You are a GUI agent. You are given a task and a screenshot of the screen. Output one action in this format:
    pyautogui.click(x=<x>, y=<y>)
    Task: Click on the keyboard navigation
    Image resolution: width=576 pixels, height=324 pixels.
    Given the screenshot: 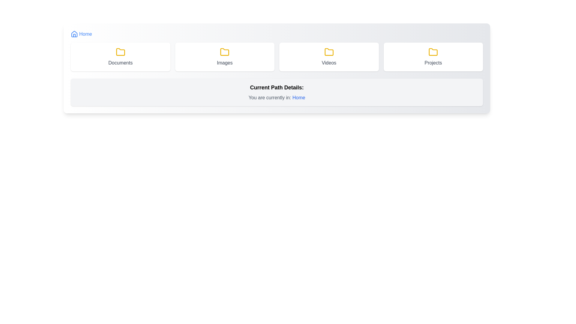 What is the action you would take?
    pyautogui.click(x=328, y=52)
    